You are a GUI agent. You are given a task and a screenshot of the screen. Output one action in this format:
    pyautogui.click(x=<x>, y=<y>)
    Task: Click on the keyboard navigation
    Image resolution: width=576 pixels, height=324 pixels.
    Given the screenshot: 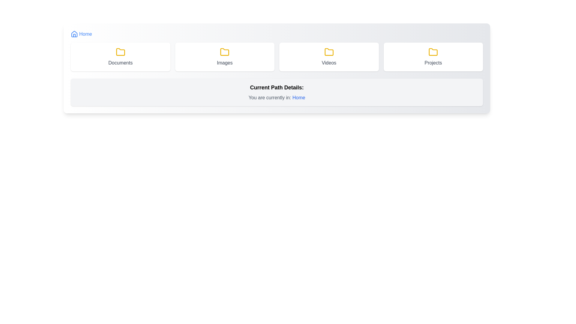 What is the action you would take?
    pyautogui.click(x=328, y=52)
    